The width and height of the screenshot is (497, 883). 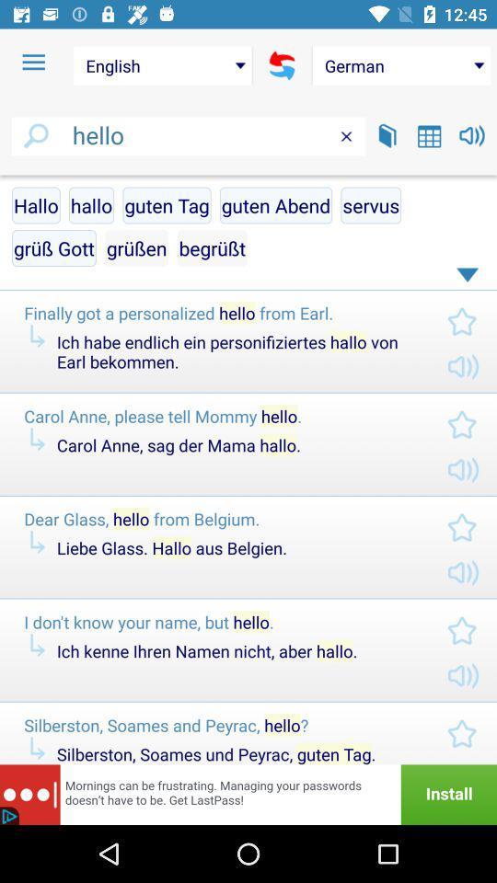 What do you see at coordinates (472, 134) in the screenshot?
I see `sound` at bounding box center [472, 134].